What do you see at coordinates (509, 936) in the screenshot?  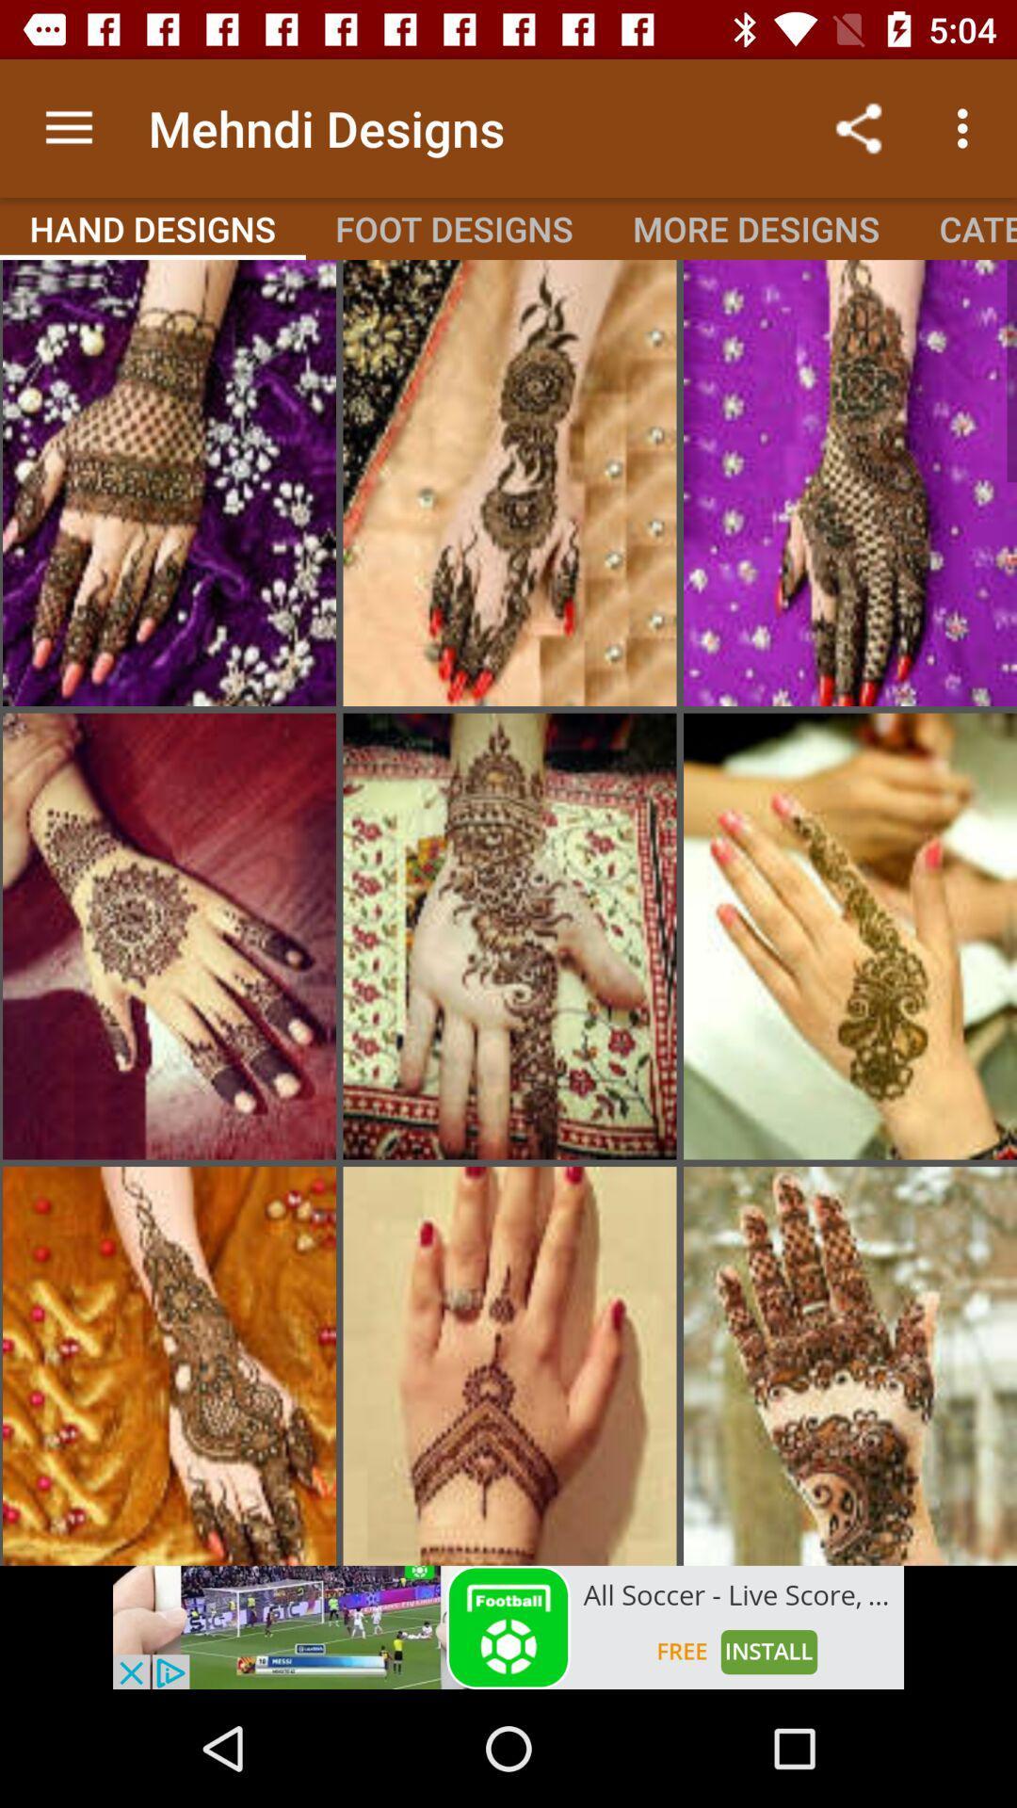 I see `the picture` at bounding box center [509, 936].